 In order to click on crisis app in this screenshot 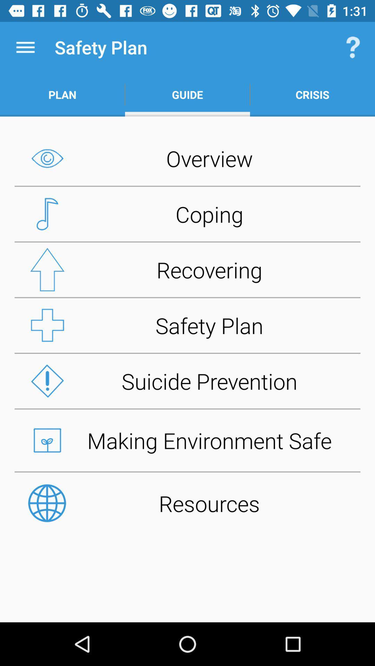, I will do `click(312, 94)`.